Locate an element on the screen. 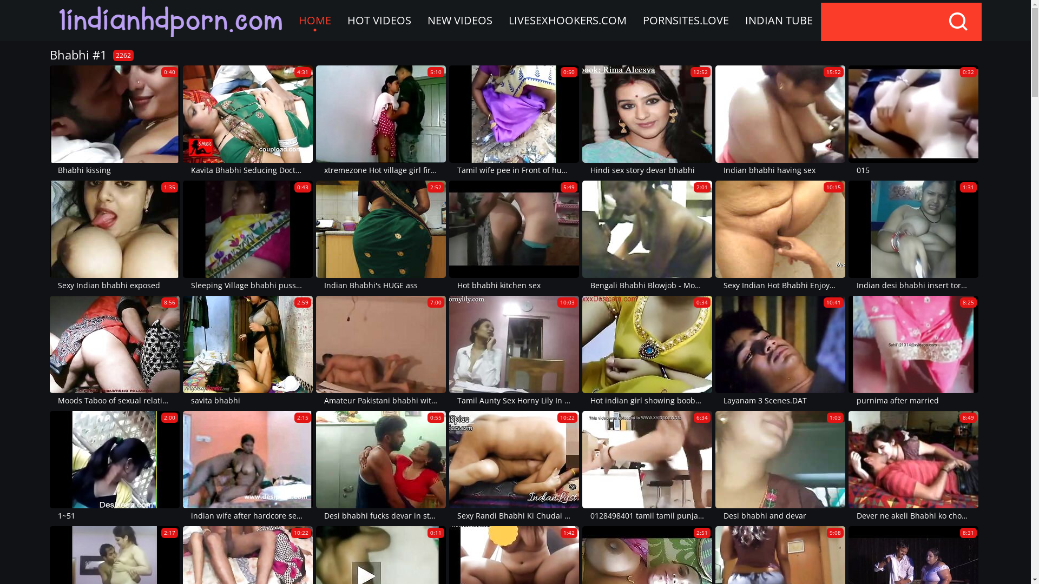 This screenshot has height=584, width=1039. 'LIVESEXHOOKERS.COM' is located at coordinates (566, 21).